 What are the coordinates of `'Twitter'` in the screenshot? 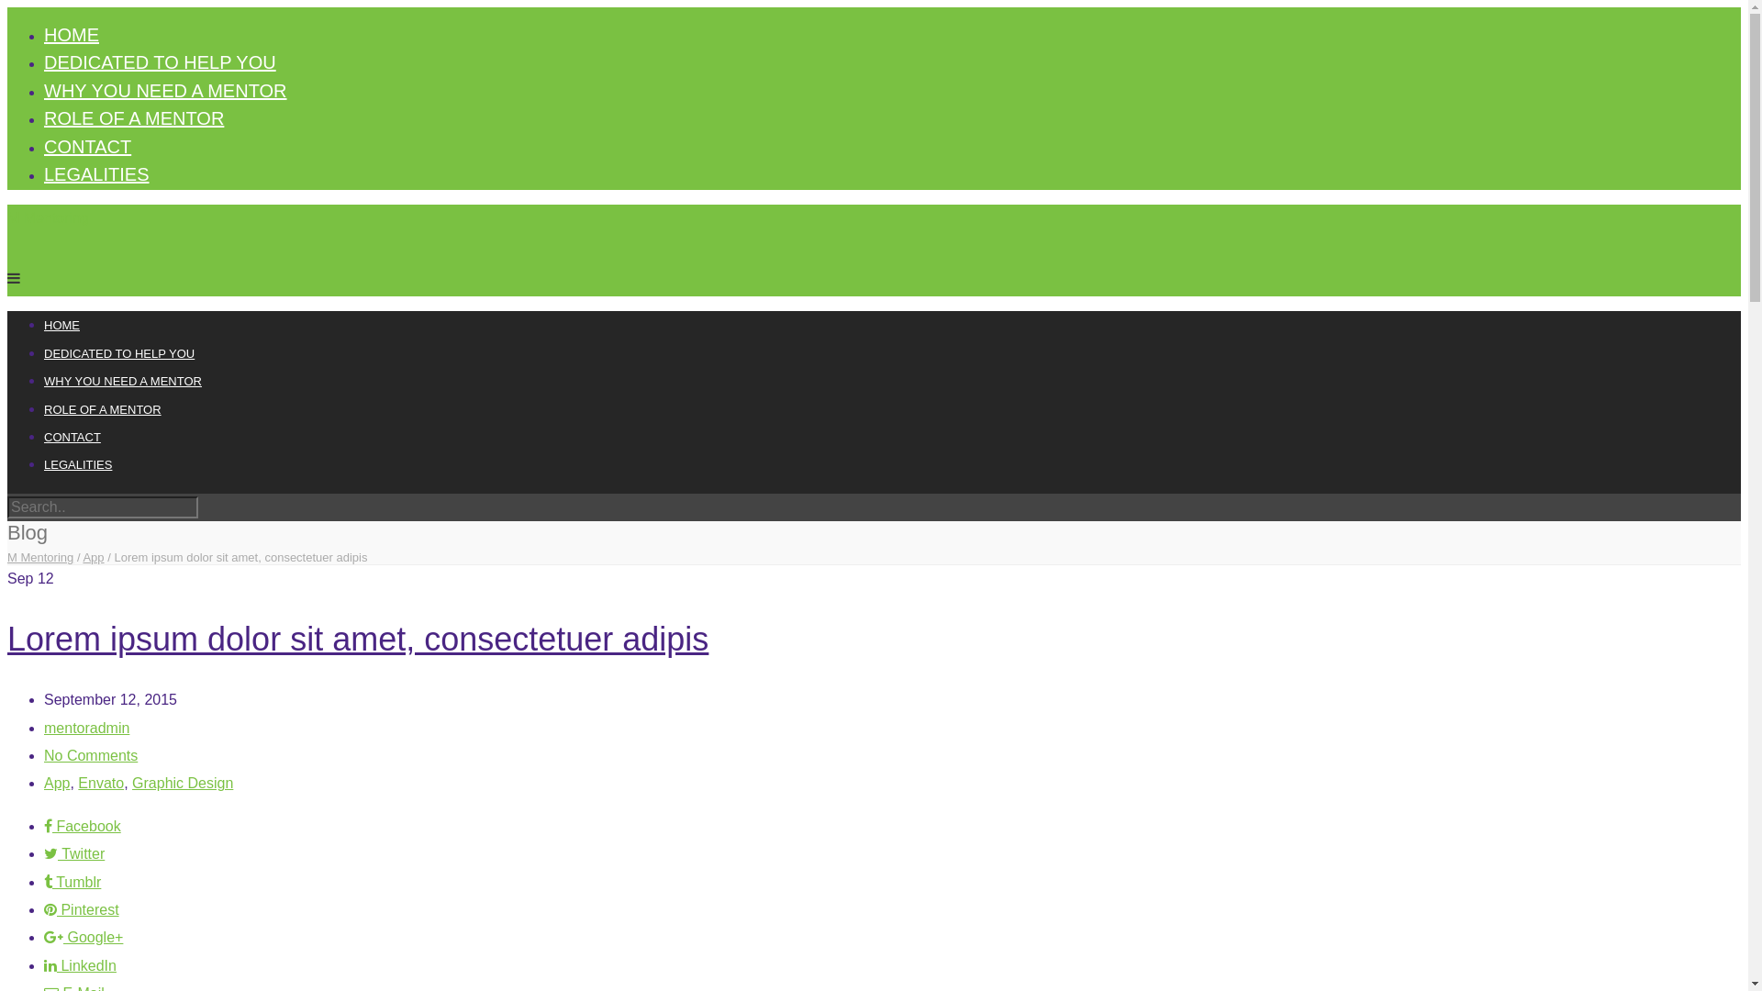 It's located at (73, 853).